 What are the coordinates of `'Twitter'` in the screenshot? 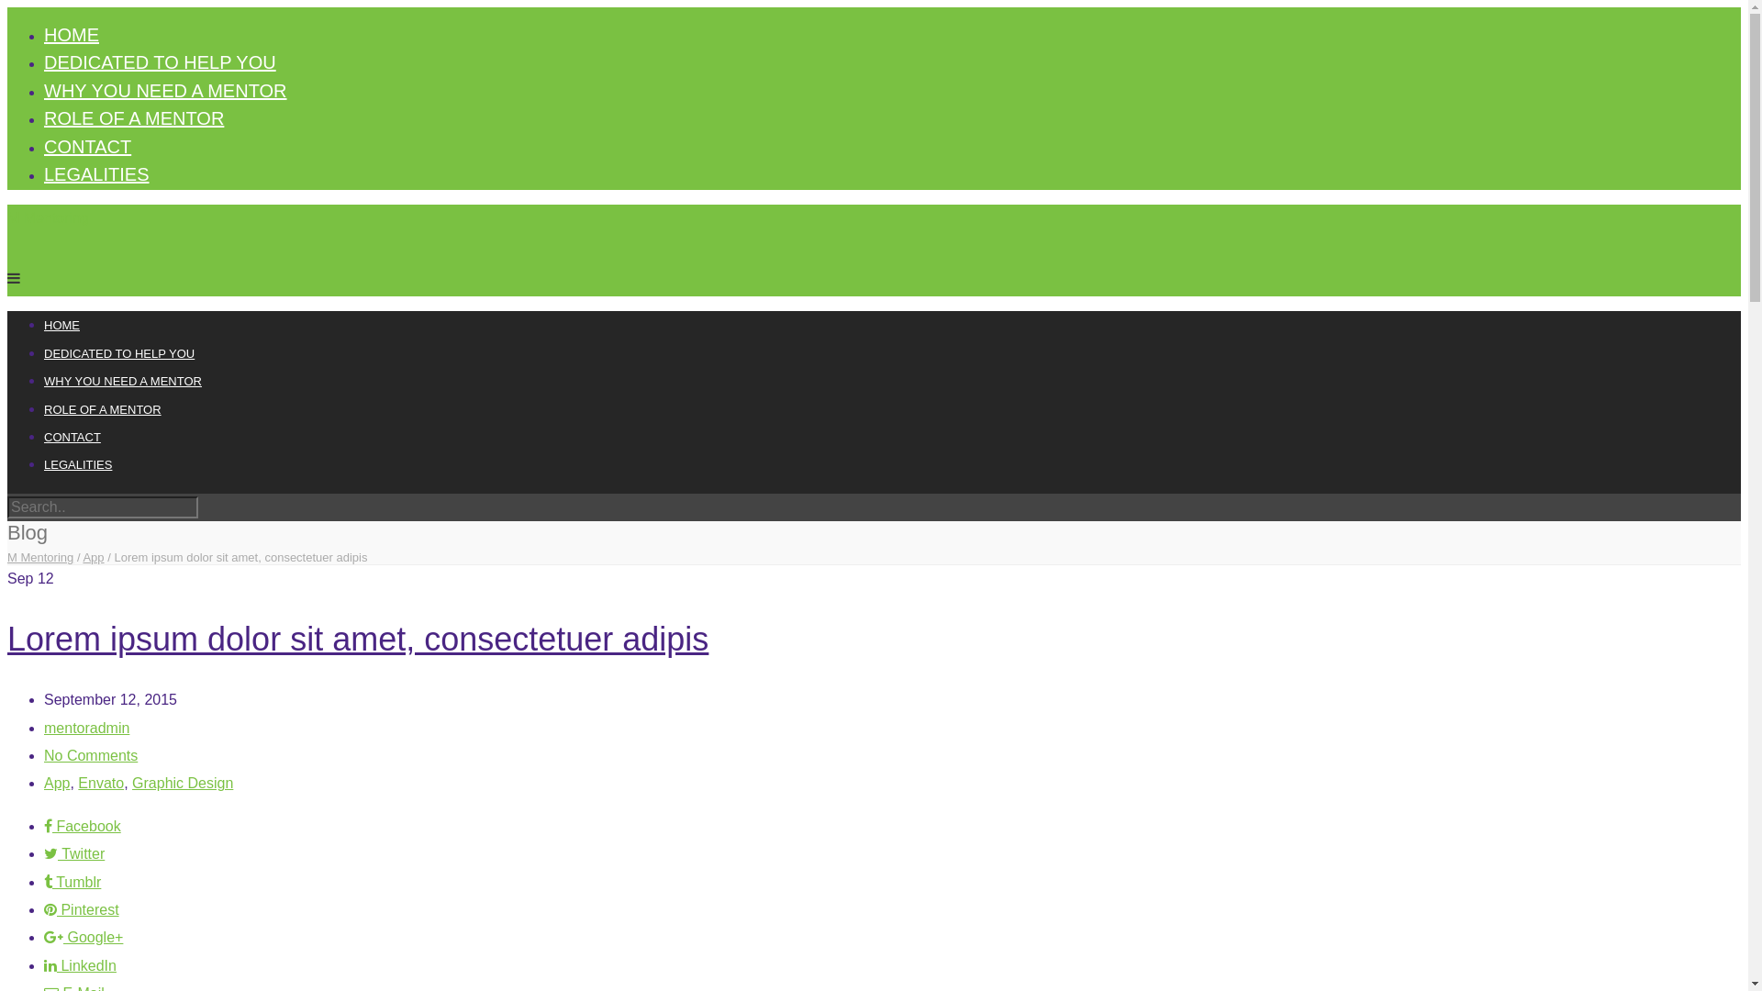 It's located at (73, 853).